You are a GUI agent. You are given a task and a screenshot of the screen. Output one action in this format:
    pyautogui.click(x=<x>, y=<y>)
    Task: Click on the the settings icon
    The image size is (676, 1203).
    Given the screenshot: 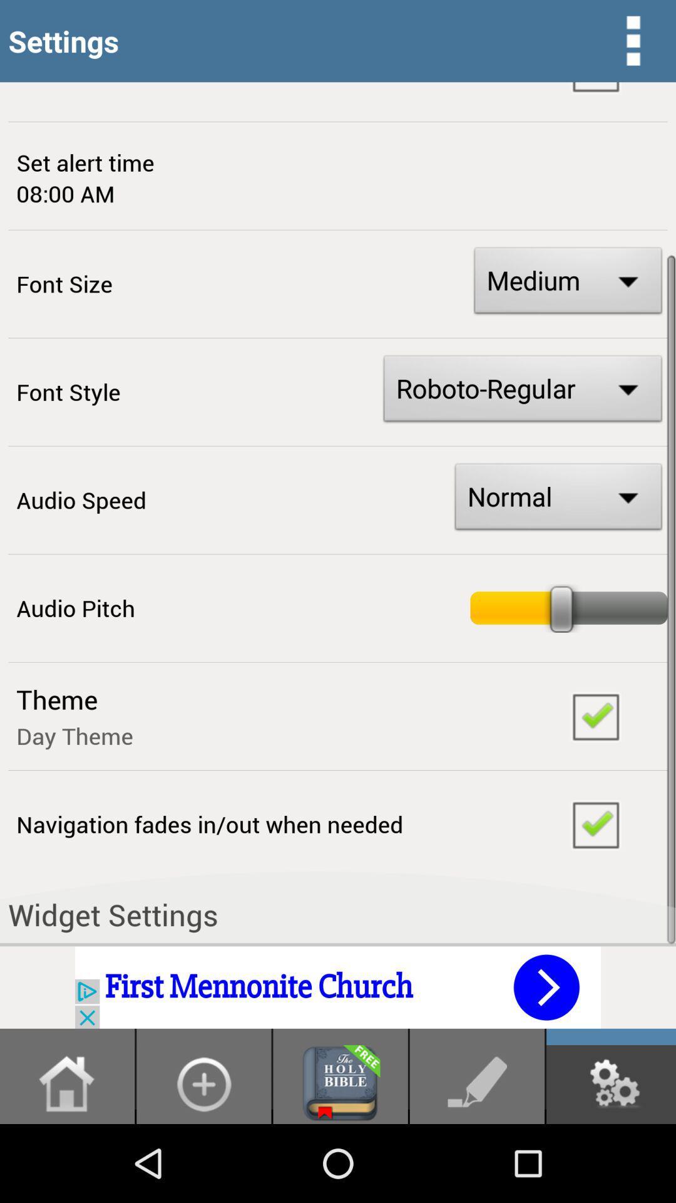 What is the action you would take?
    pyautogui.click(x=610, y=1160)
    